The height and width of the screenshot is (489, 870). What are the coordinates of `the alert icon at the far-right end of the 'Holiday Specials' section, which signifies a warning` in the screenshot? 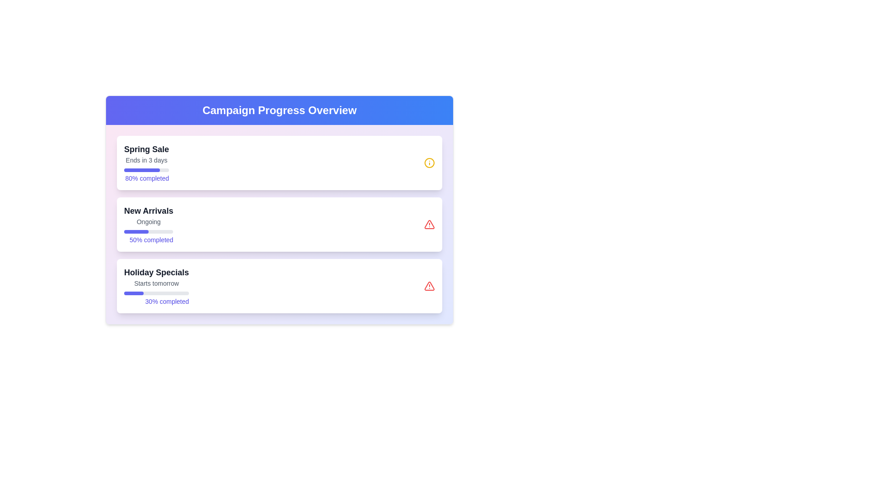 It's located at (429, 286).